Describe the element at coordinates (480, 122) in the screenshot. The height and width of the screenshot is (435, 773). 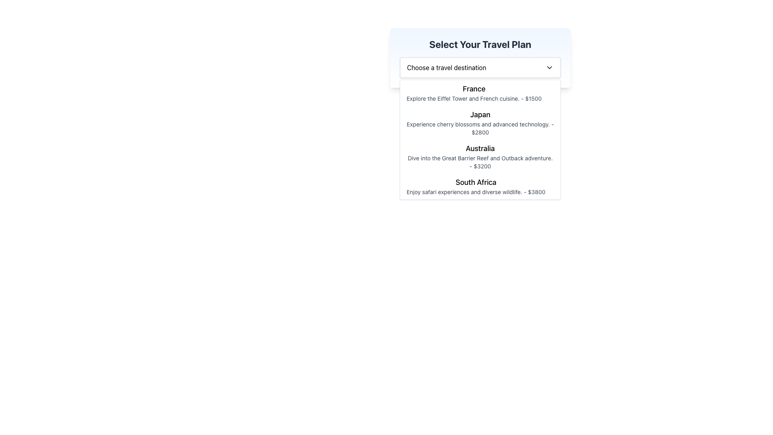
I see `the static text block displaying 'Japan' with a description about cherry blossoms and technology, located in a dropdown menu interface` at that location.